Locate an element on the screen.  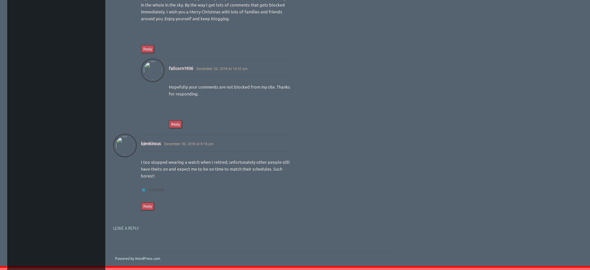
'Leave a Reply' is located at coordinates (126, 228).